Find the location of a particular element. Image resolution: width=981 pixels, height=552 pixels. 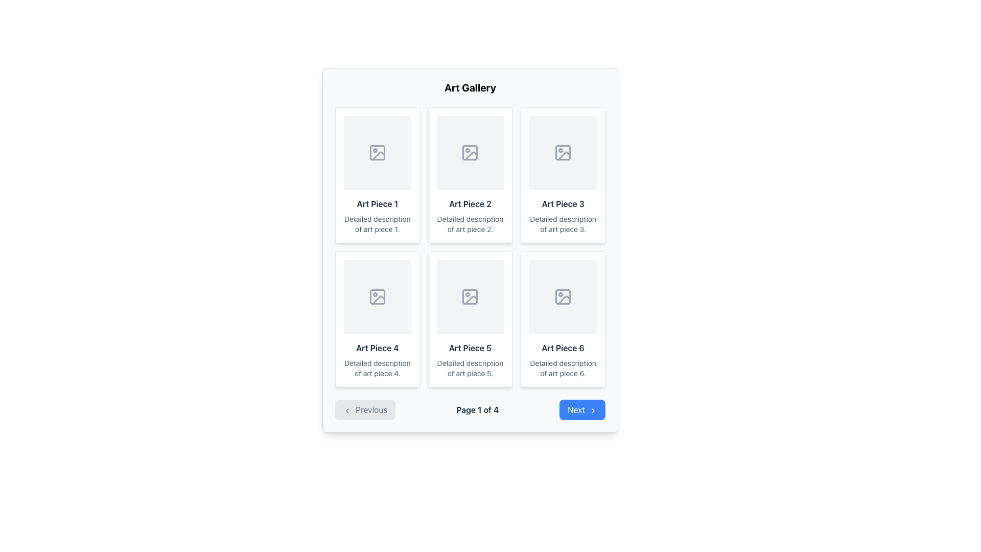

the first art piece card in the gallery is located at coordinates (377, 175).